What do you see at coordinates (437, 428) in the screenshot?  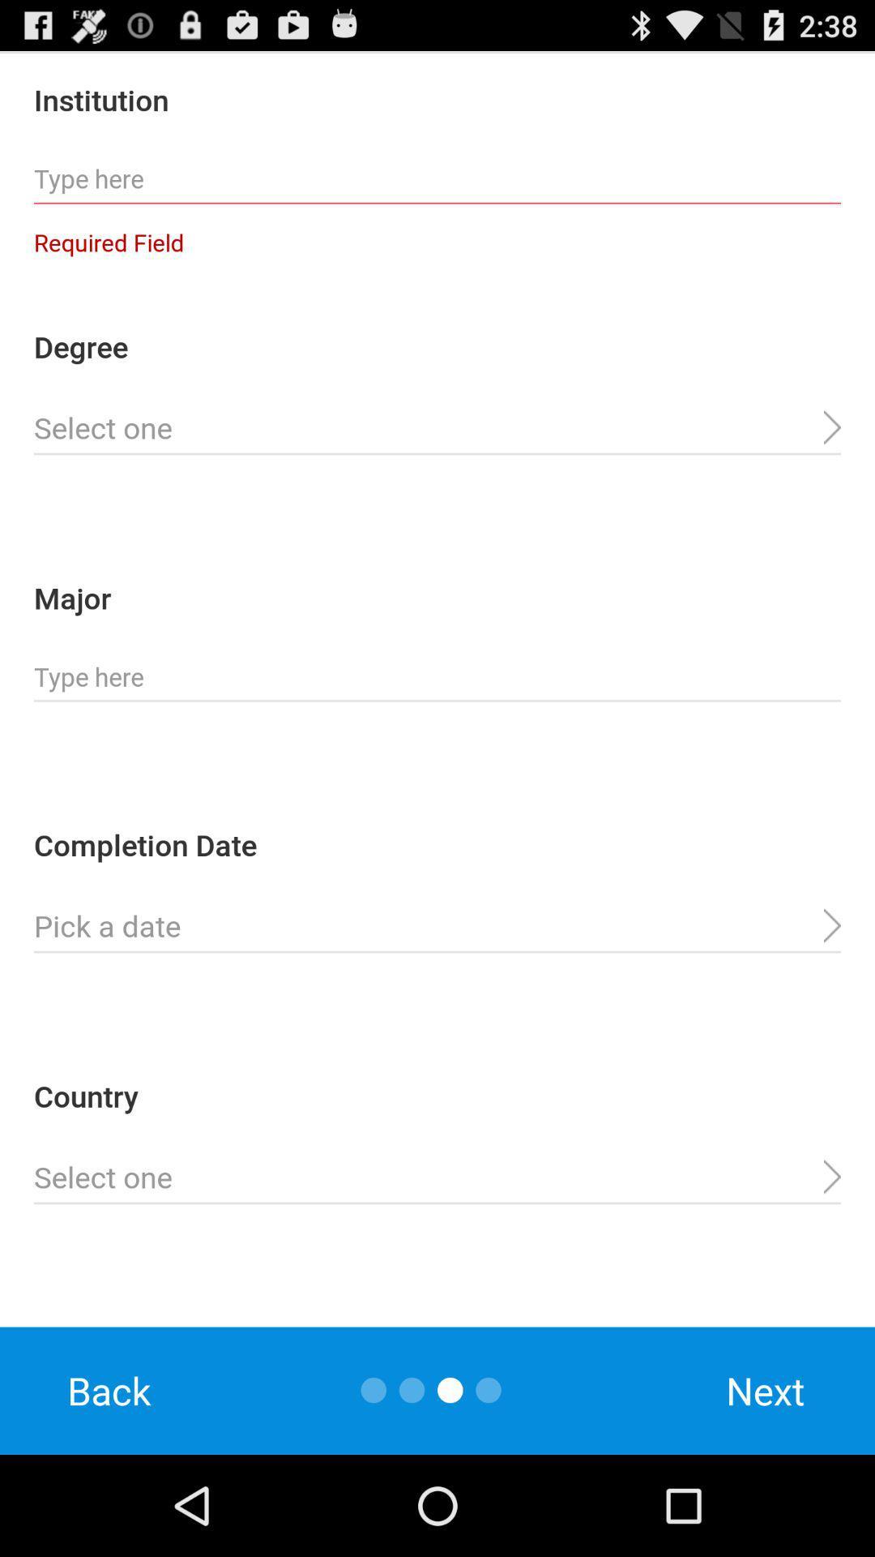 I see `data entry field` at bounding box center [437, 428].